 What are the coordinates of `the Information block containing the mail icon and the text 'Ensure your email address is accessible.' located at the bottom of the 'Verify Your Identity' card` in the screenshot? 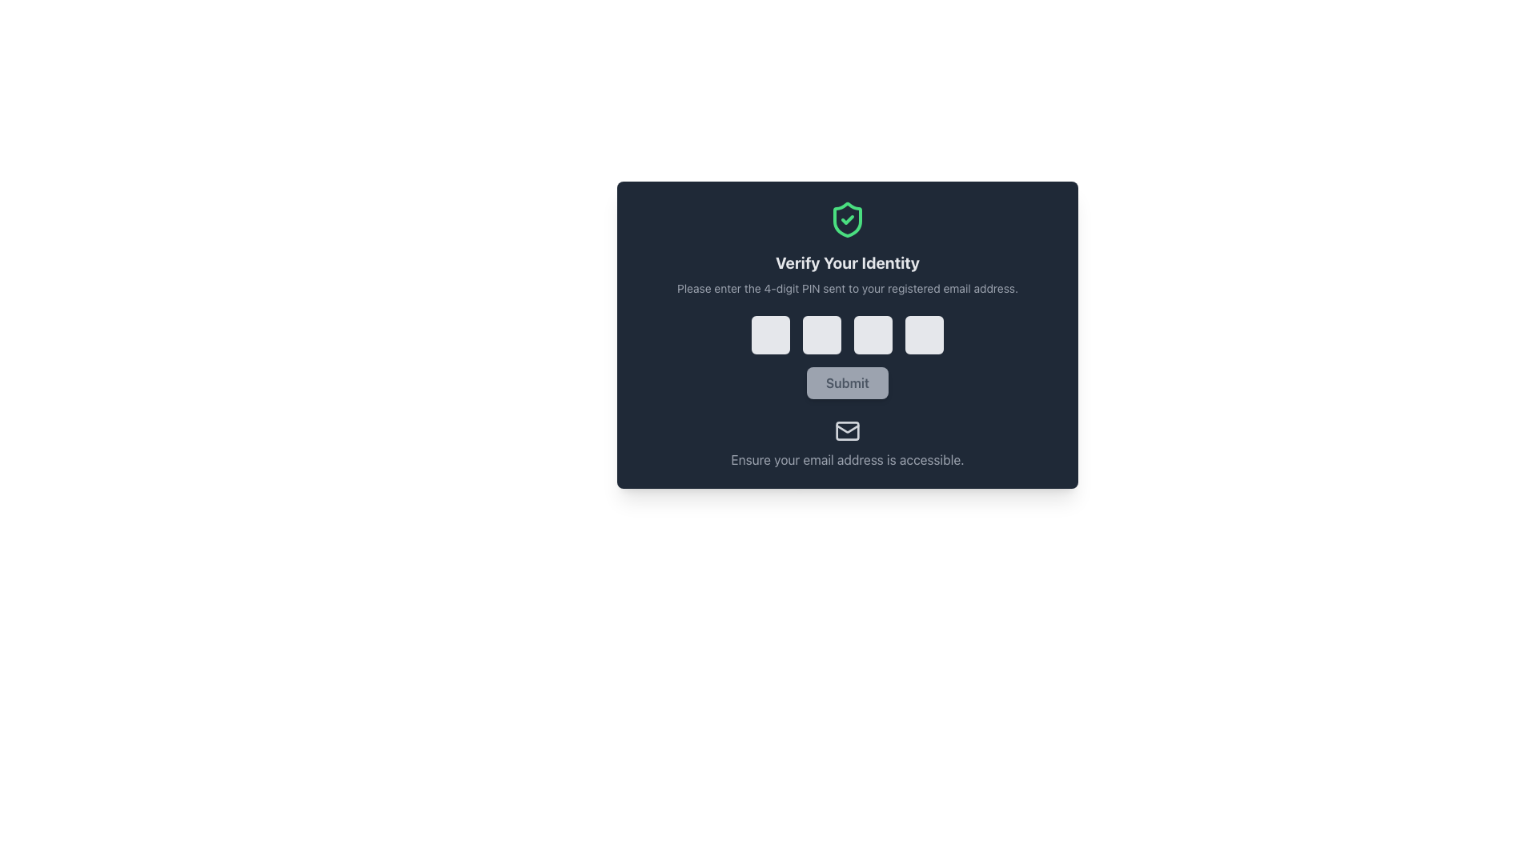 It's located at (847, 444).